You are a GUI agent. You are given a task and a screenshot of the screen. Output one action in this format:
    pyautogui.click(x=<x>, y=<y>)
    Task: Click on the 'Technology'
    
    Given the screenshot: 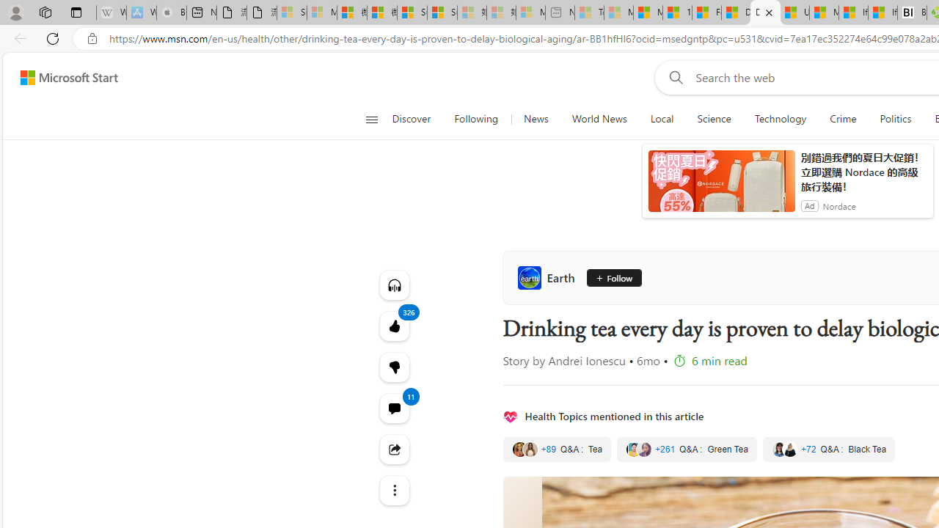 What is the action you would take?
    pyautogui.click(x=780, y=119)
    